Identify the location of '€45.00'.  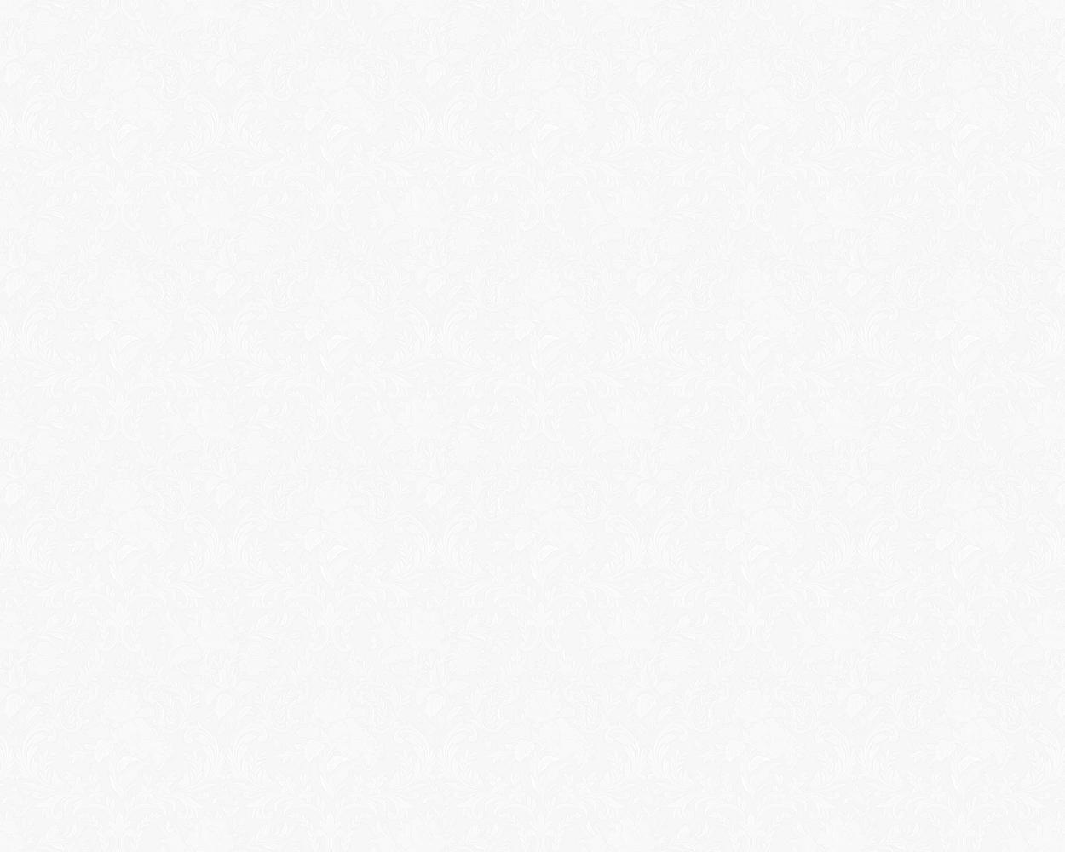
(153, 661).